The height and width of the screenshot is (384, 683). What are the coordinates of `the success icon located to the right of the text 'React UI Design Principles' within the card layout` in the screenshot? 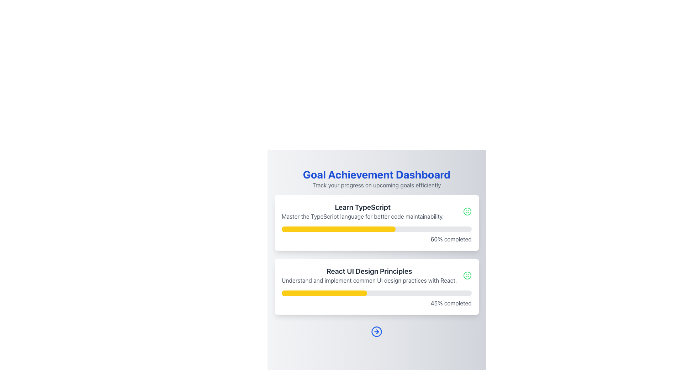 It's located at (467, 275).